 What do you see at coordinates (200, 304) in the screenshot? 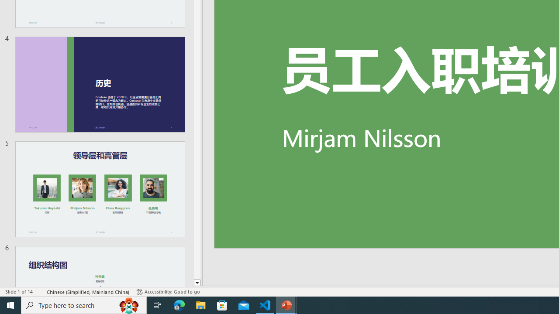
I see `'File Explorer'` at bounding box center [200, 304].